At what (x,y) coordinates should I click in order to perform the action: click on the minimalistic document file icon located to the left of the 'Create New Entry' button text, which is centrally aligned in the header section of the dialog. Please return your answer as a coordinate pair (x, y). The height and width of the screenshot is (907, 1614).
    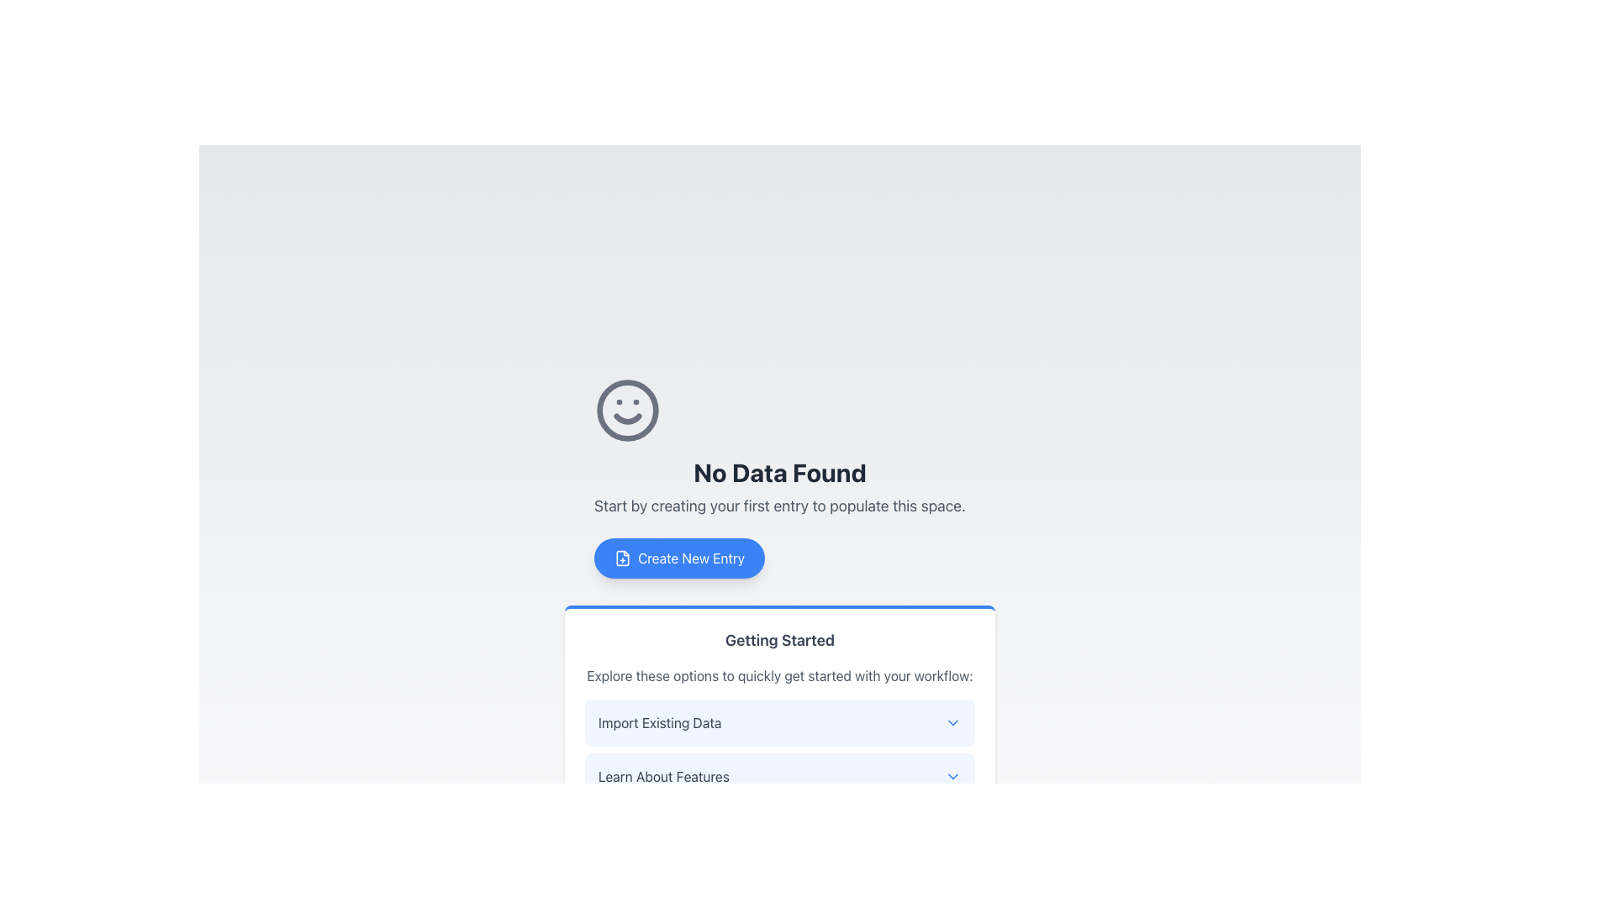
    Looking at the image, I should click on (622, 558).